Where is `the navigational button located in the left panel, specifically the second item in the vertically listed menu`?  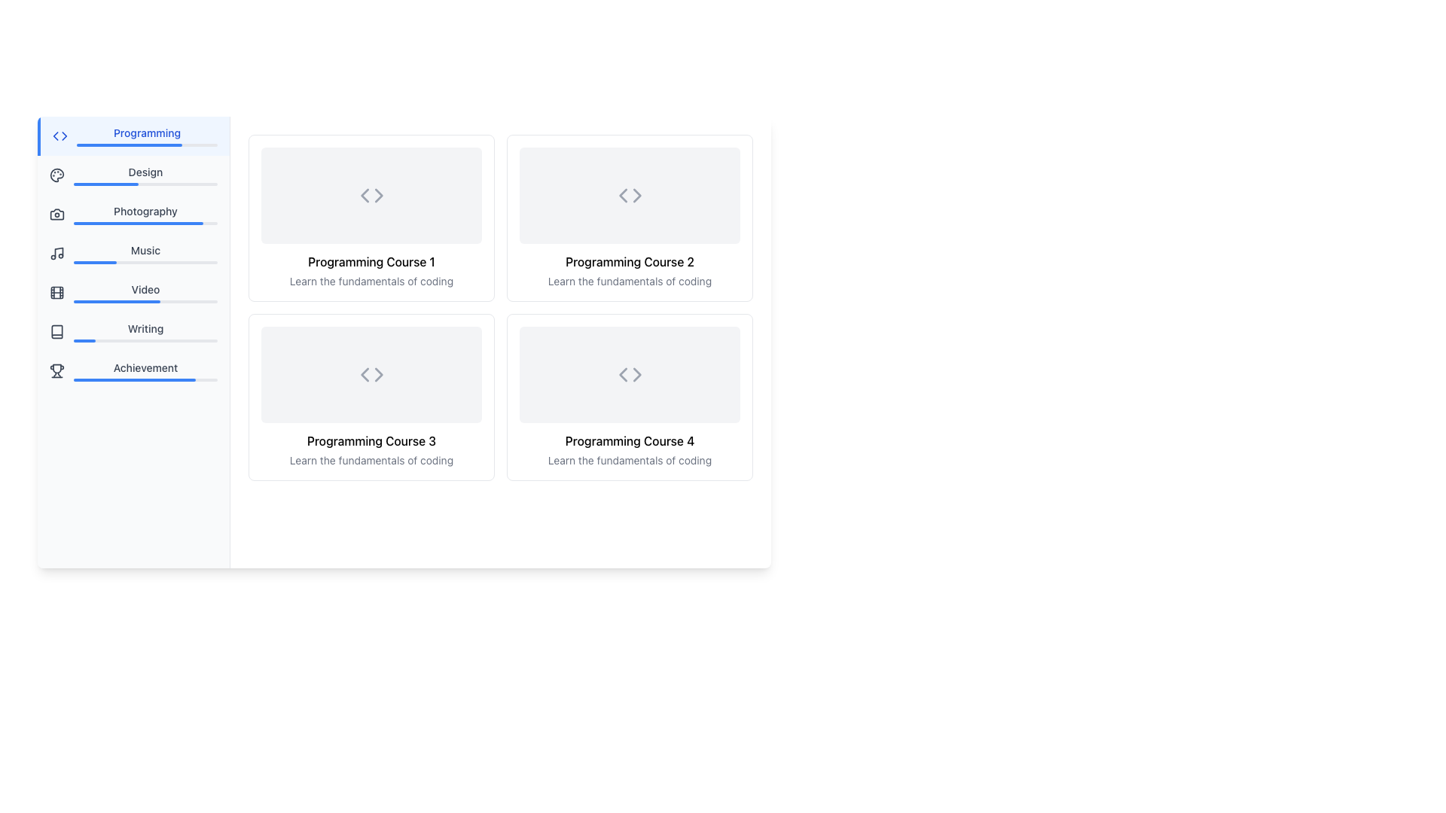 the navigational button located in the left panel, specifically the second item in the vertically listed menu is located at coordinates (133, 174).